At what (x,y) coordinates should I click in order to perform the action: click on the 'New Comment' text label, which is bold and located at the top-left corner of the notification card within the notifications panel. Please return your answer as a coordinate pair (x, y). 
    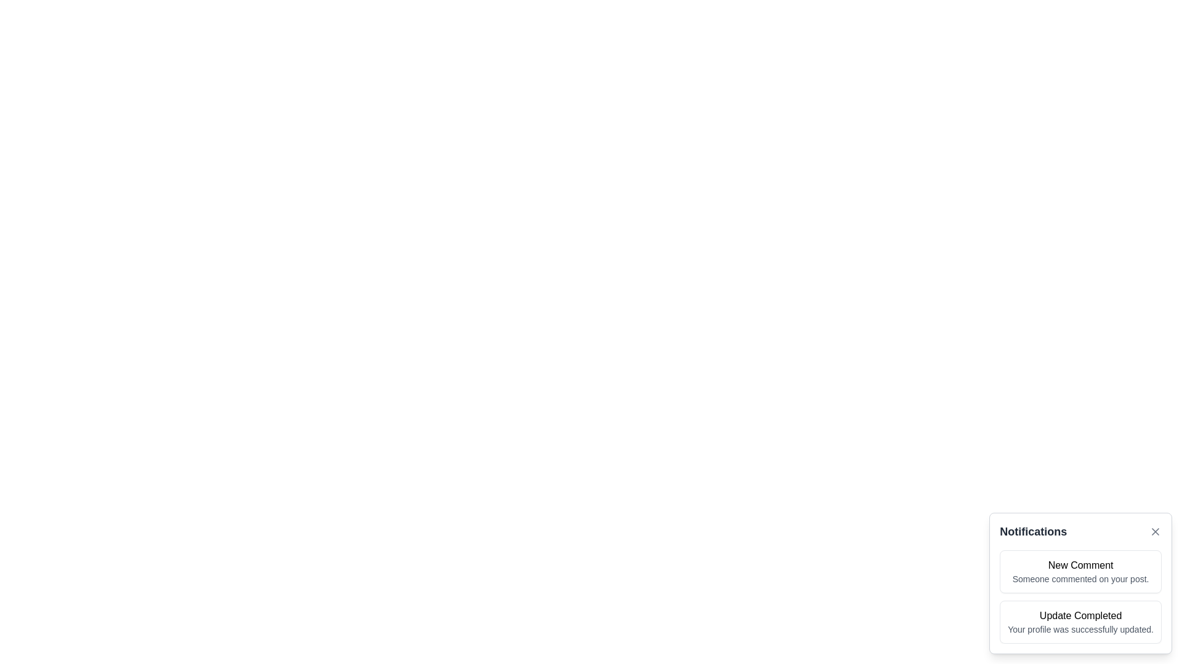
    Looking at the image, I should click on (1080, 566).